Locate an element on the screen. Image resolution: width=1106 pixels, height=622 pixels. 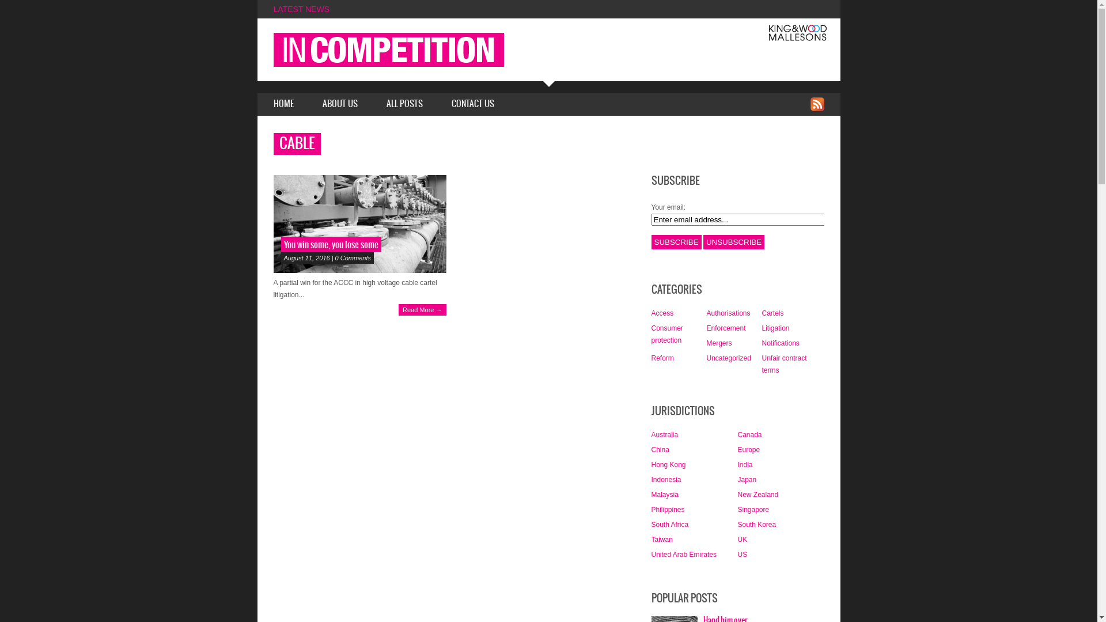
'Uncategorized' is located at coordinates (728, 357).